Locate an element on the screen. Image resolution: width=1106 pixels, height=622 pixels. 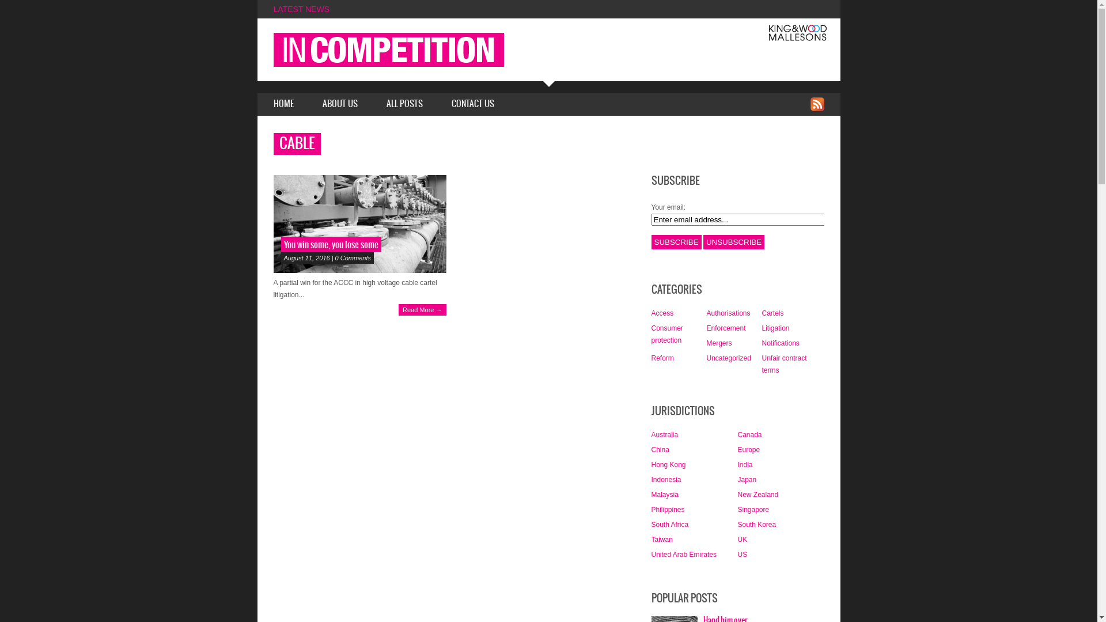
'Uncategorized' is located at coordinates (728, 357).